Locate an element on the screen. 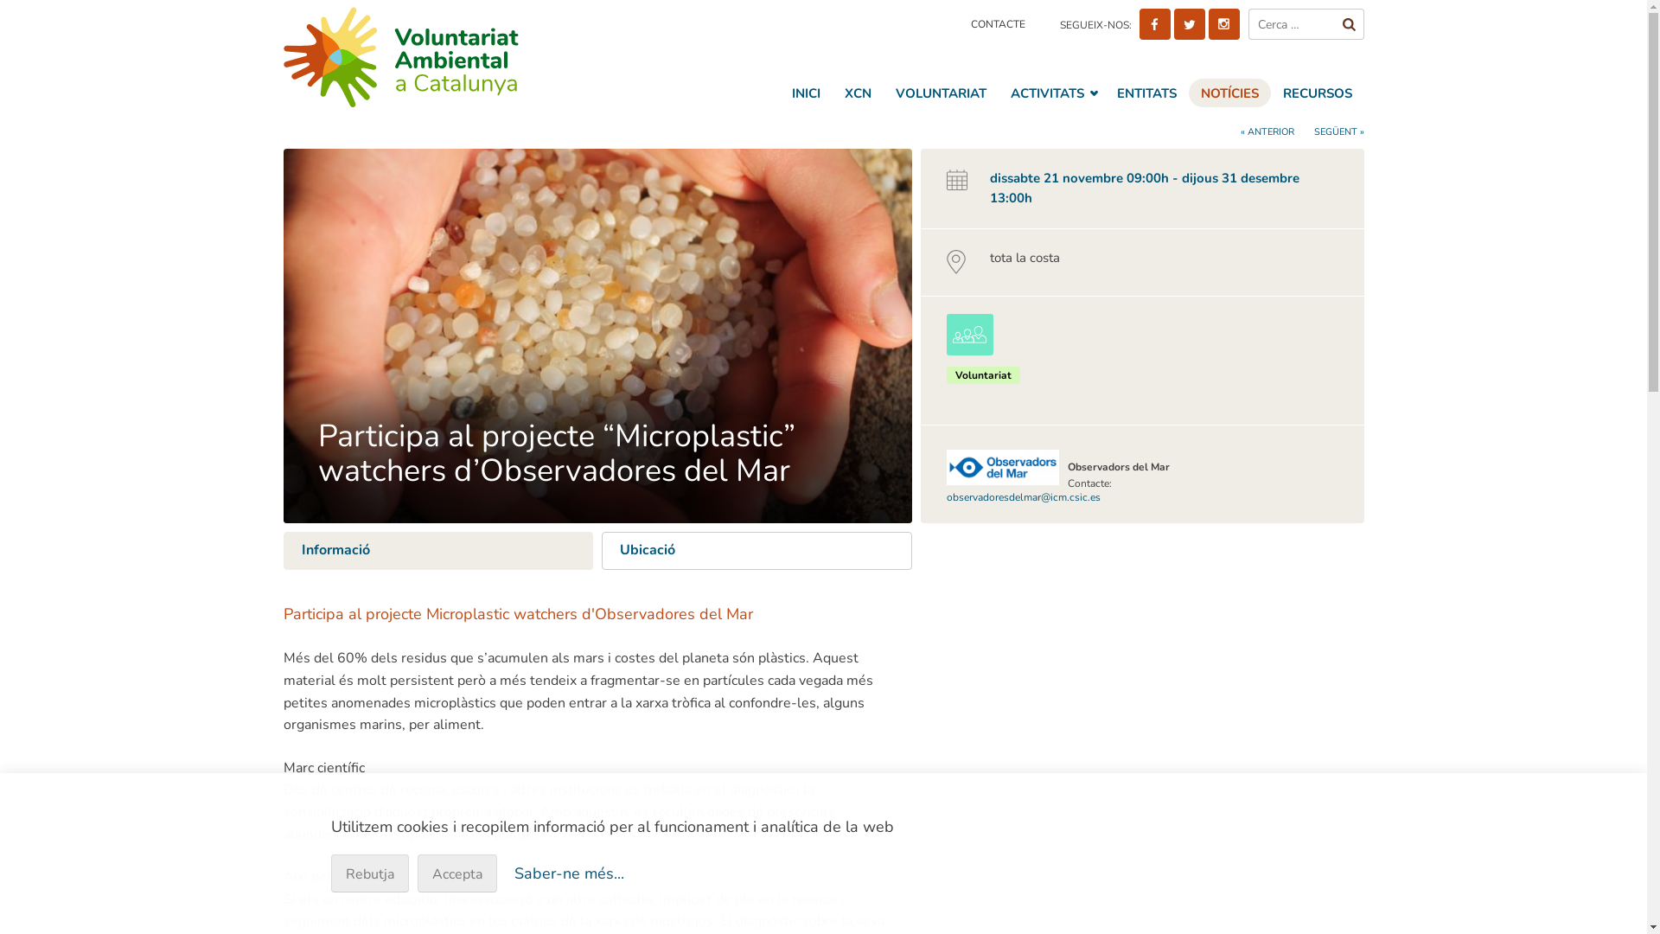 Image resolution: width=1660 pixels, height=934 pixels. 'Cerca' is located at coordinates (1348, 23).